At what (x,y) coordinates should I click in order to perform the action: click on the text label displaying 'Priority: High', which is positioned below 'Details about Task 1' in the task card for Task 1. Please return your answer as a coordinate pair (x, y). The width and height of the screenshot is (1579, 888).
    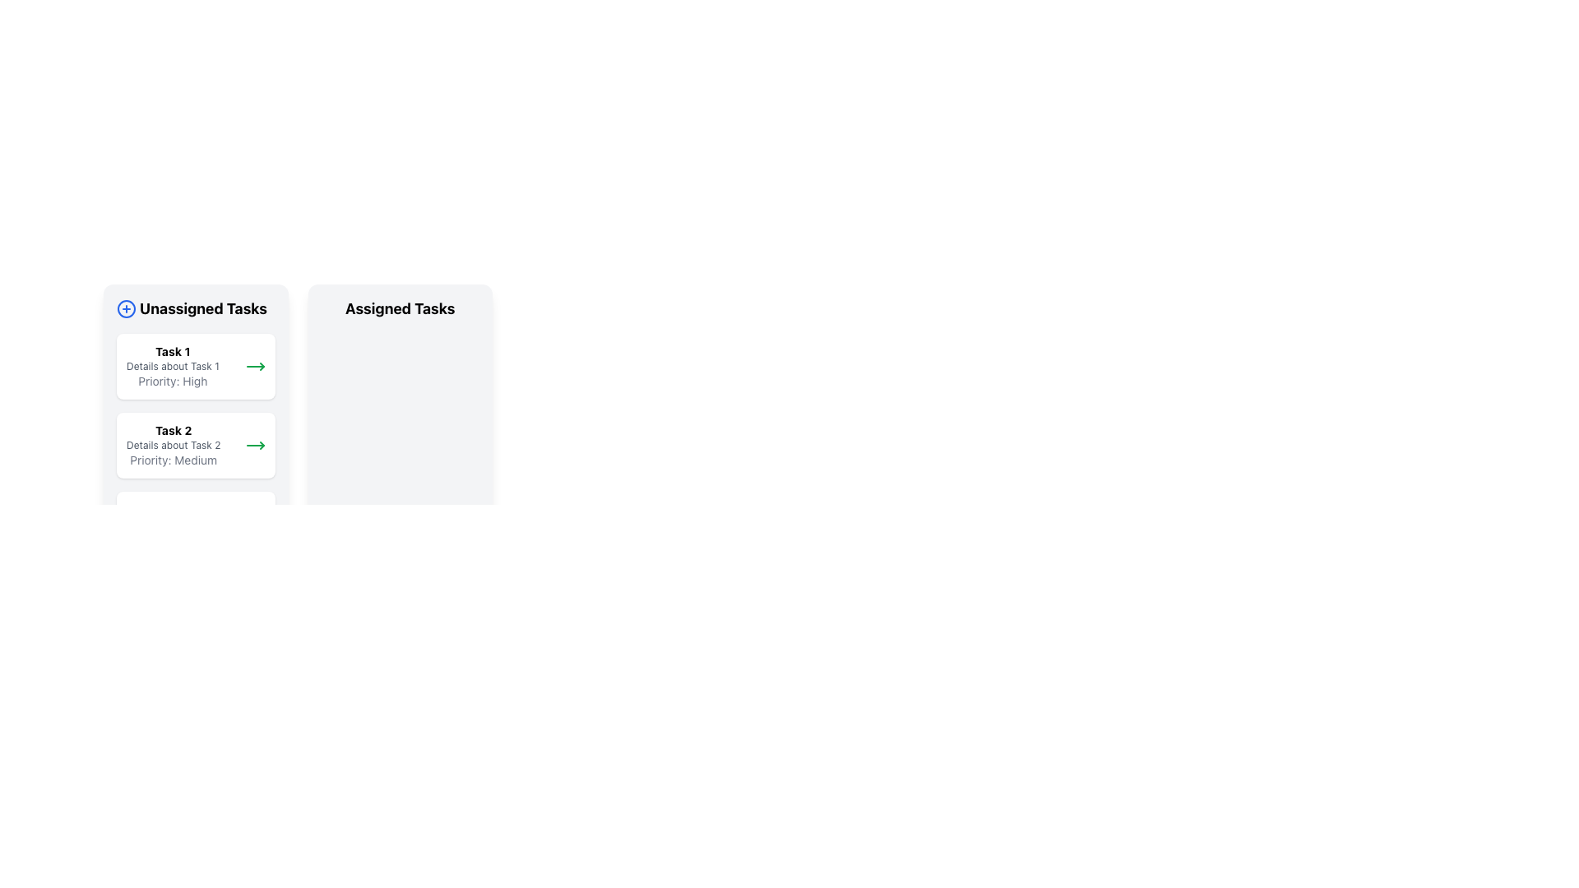
    Looking at the image, I should click on (173, 381).